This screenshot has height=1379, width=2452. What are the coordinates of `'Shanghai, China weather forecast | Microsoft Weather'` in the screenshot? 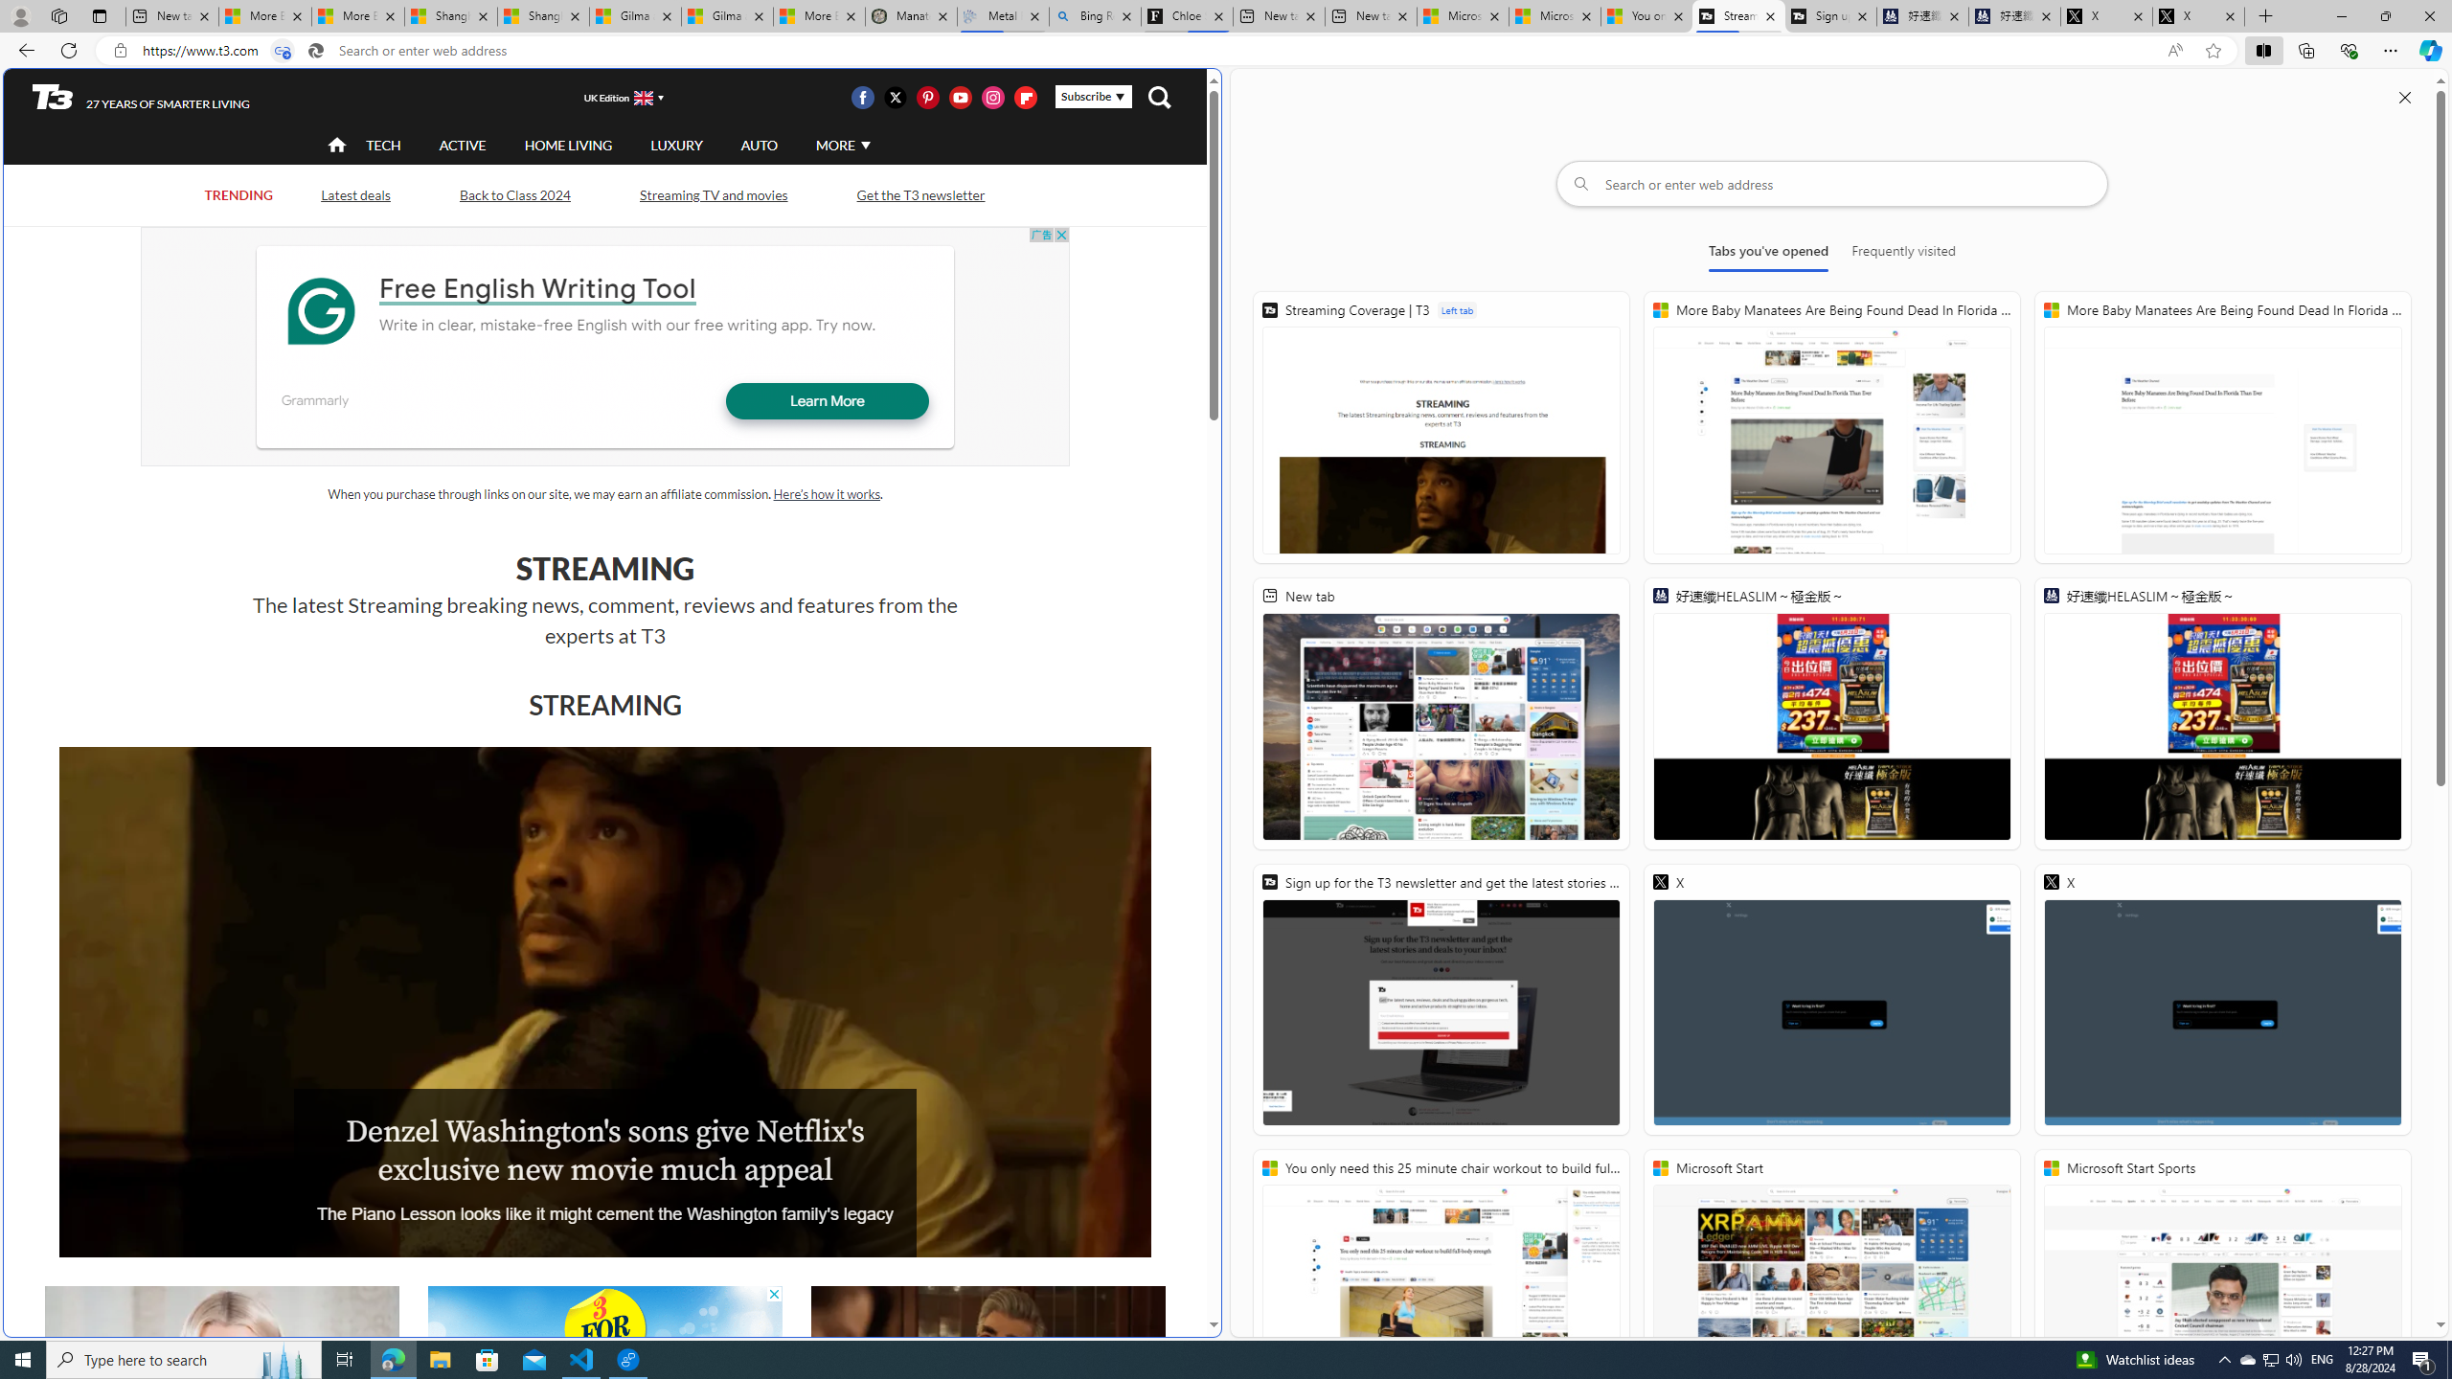 It's located at (543, 15).